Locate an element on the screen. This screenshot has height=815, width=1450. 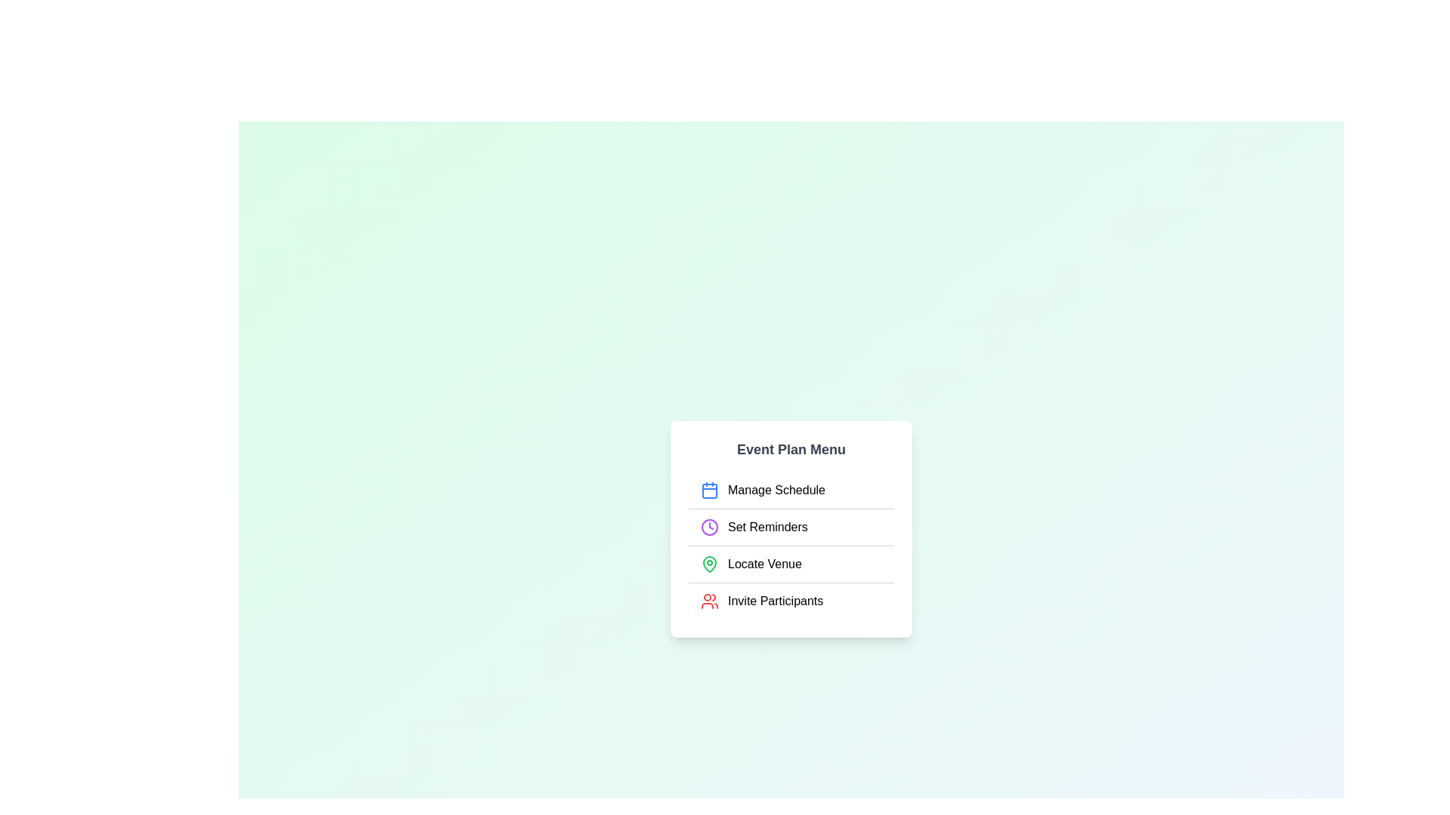
the menu item Set Reminders to perform its action is located at coordinates (790, 526).